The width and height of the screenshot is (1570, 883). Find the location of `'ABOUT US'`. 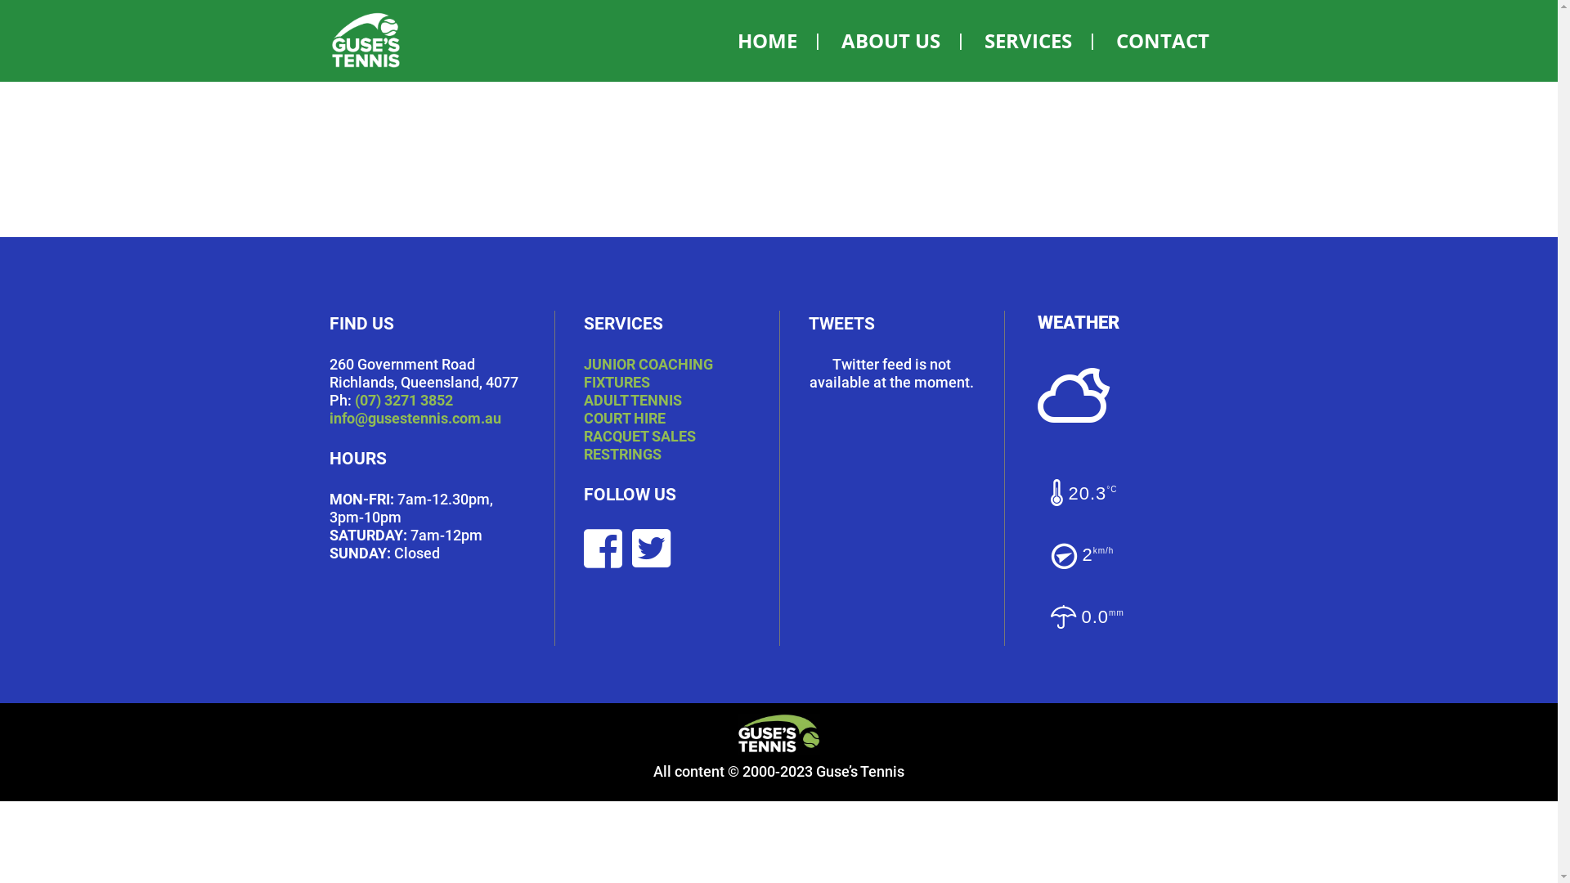

'ABOUT US' is located at coordinates (889, 40).